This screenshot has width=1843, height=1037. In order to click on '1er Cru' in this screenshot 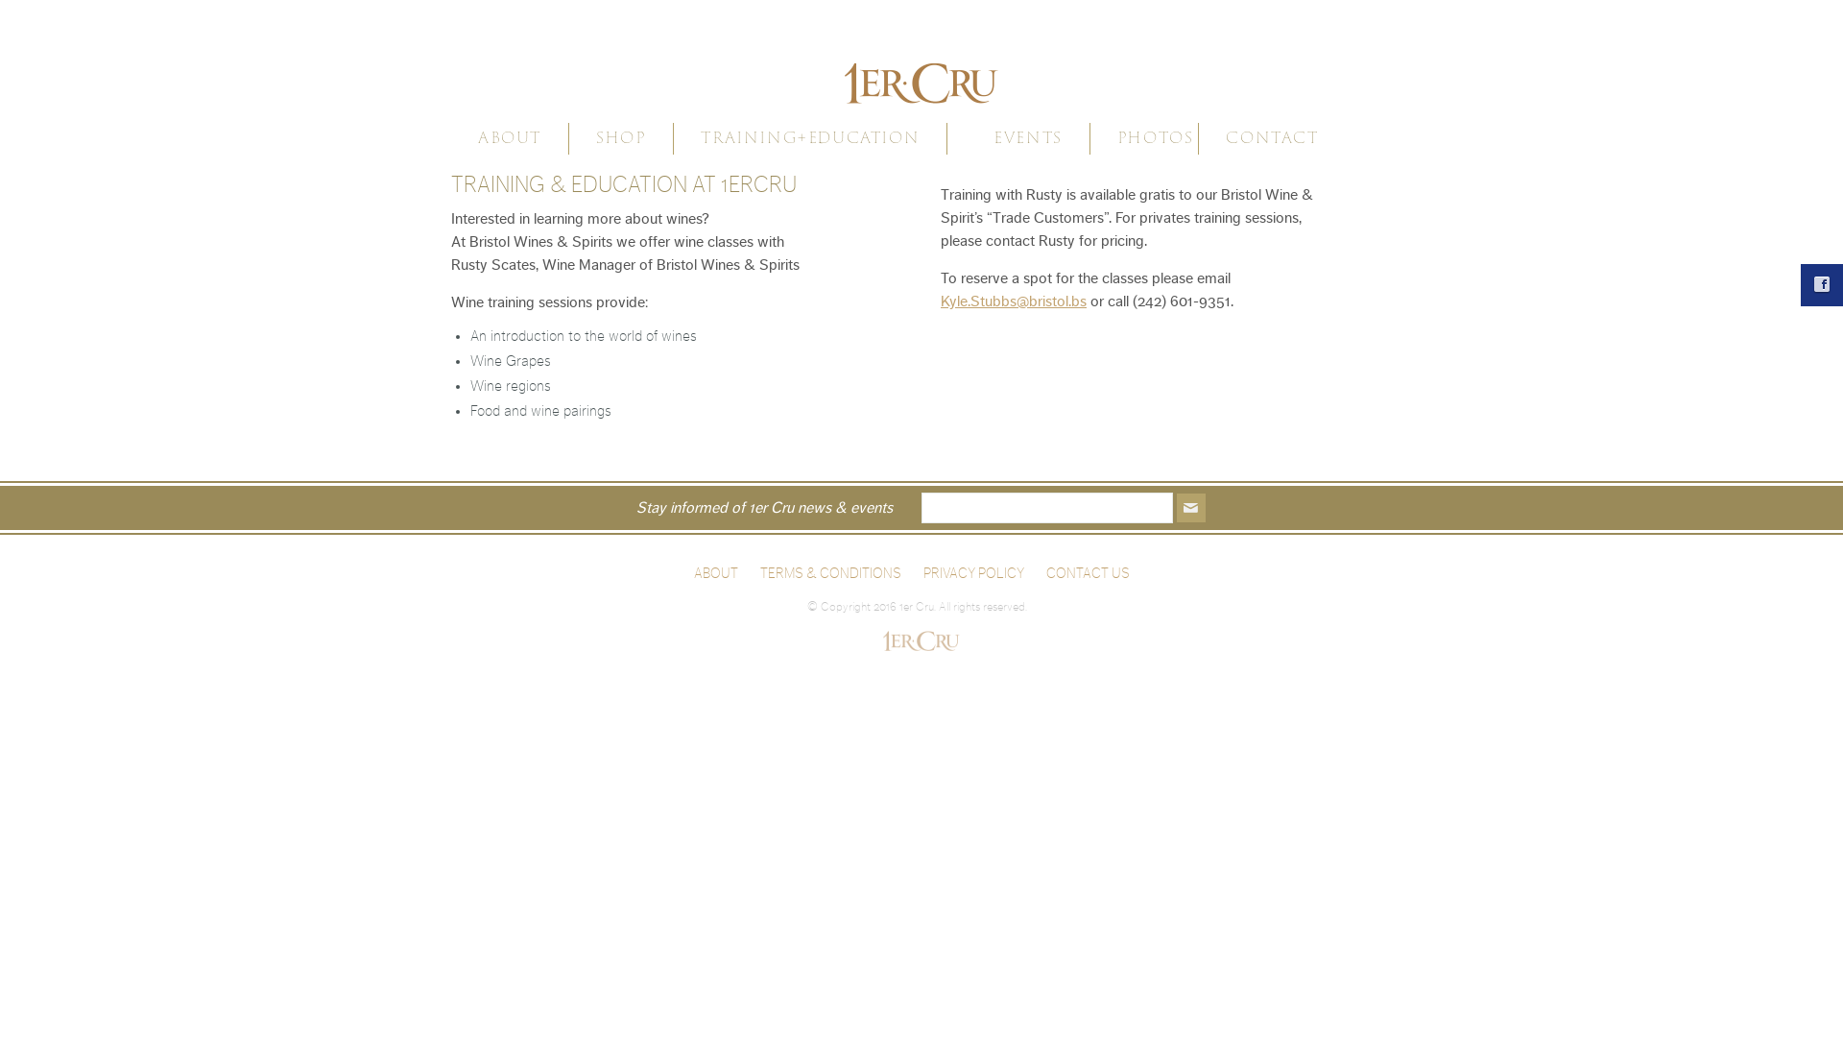, I will do `click(921, 69)`.